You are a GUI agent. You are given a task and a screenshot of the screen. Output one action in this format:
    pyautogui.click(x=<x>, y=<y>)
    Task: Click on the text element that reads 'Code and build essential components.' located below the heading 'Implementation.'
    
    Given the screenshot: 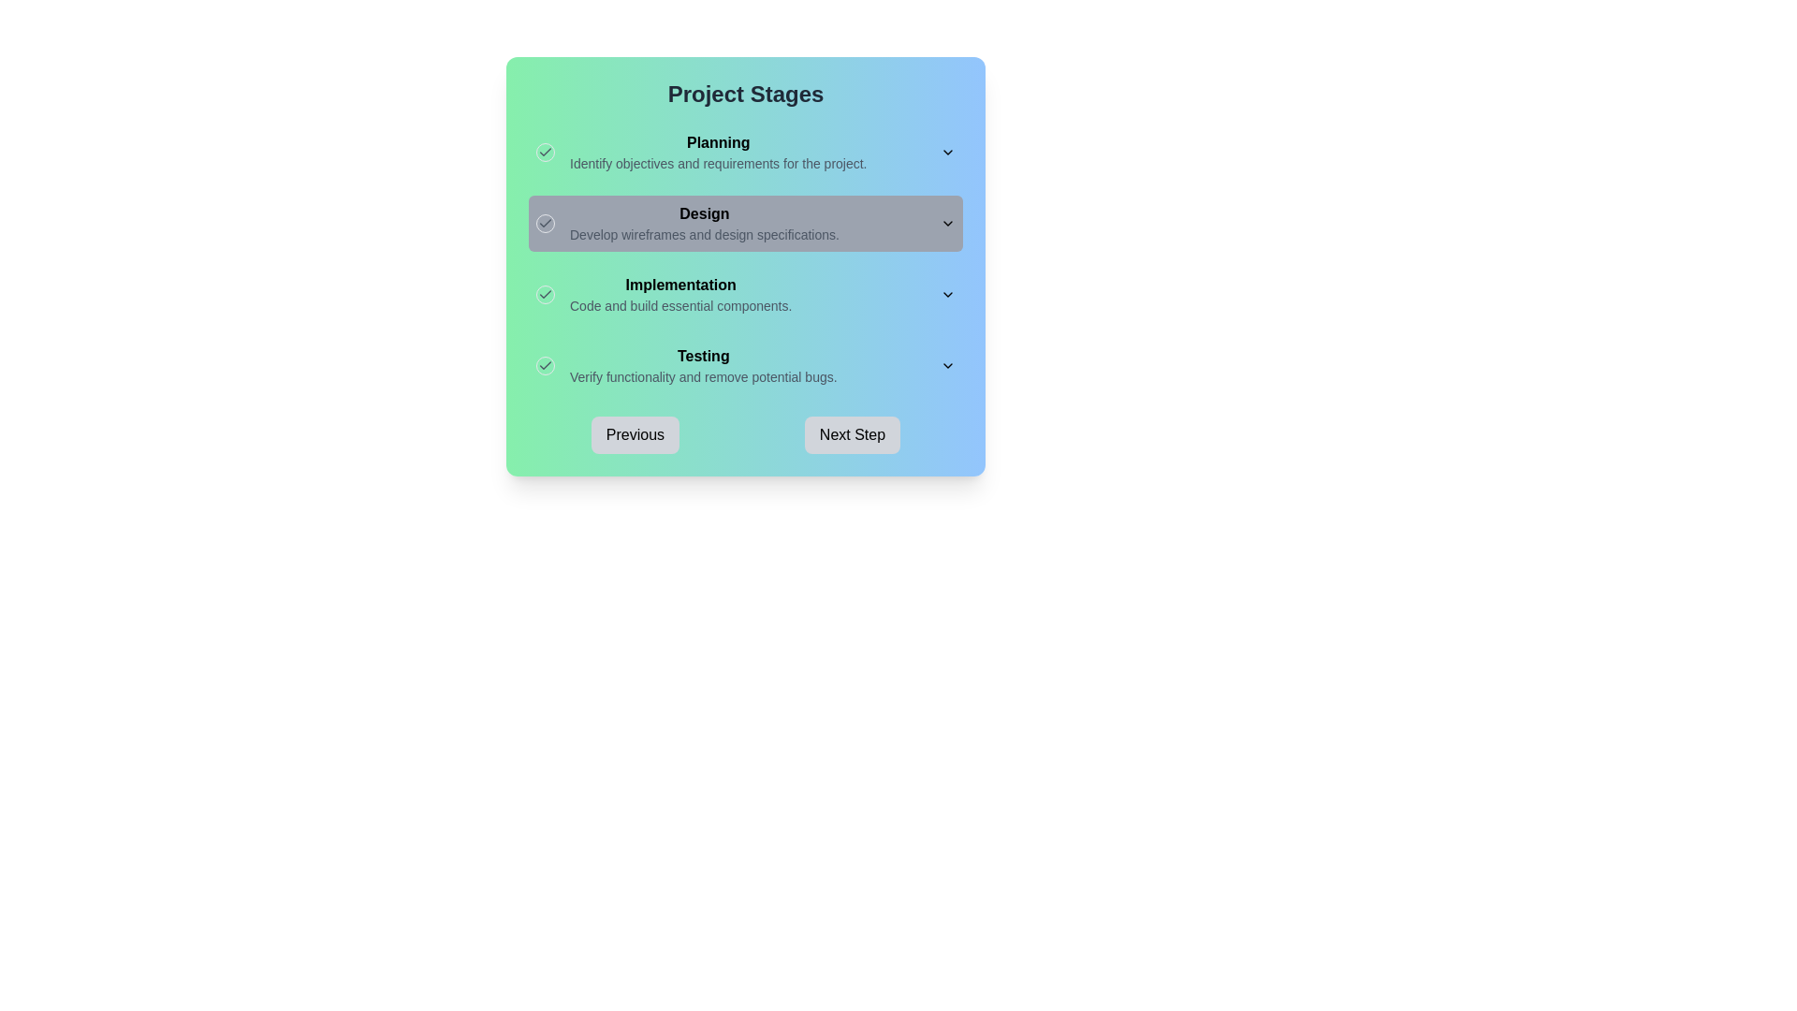 What is the action you would take?
    pyautogui.click(x=679, y=305)
    